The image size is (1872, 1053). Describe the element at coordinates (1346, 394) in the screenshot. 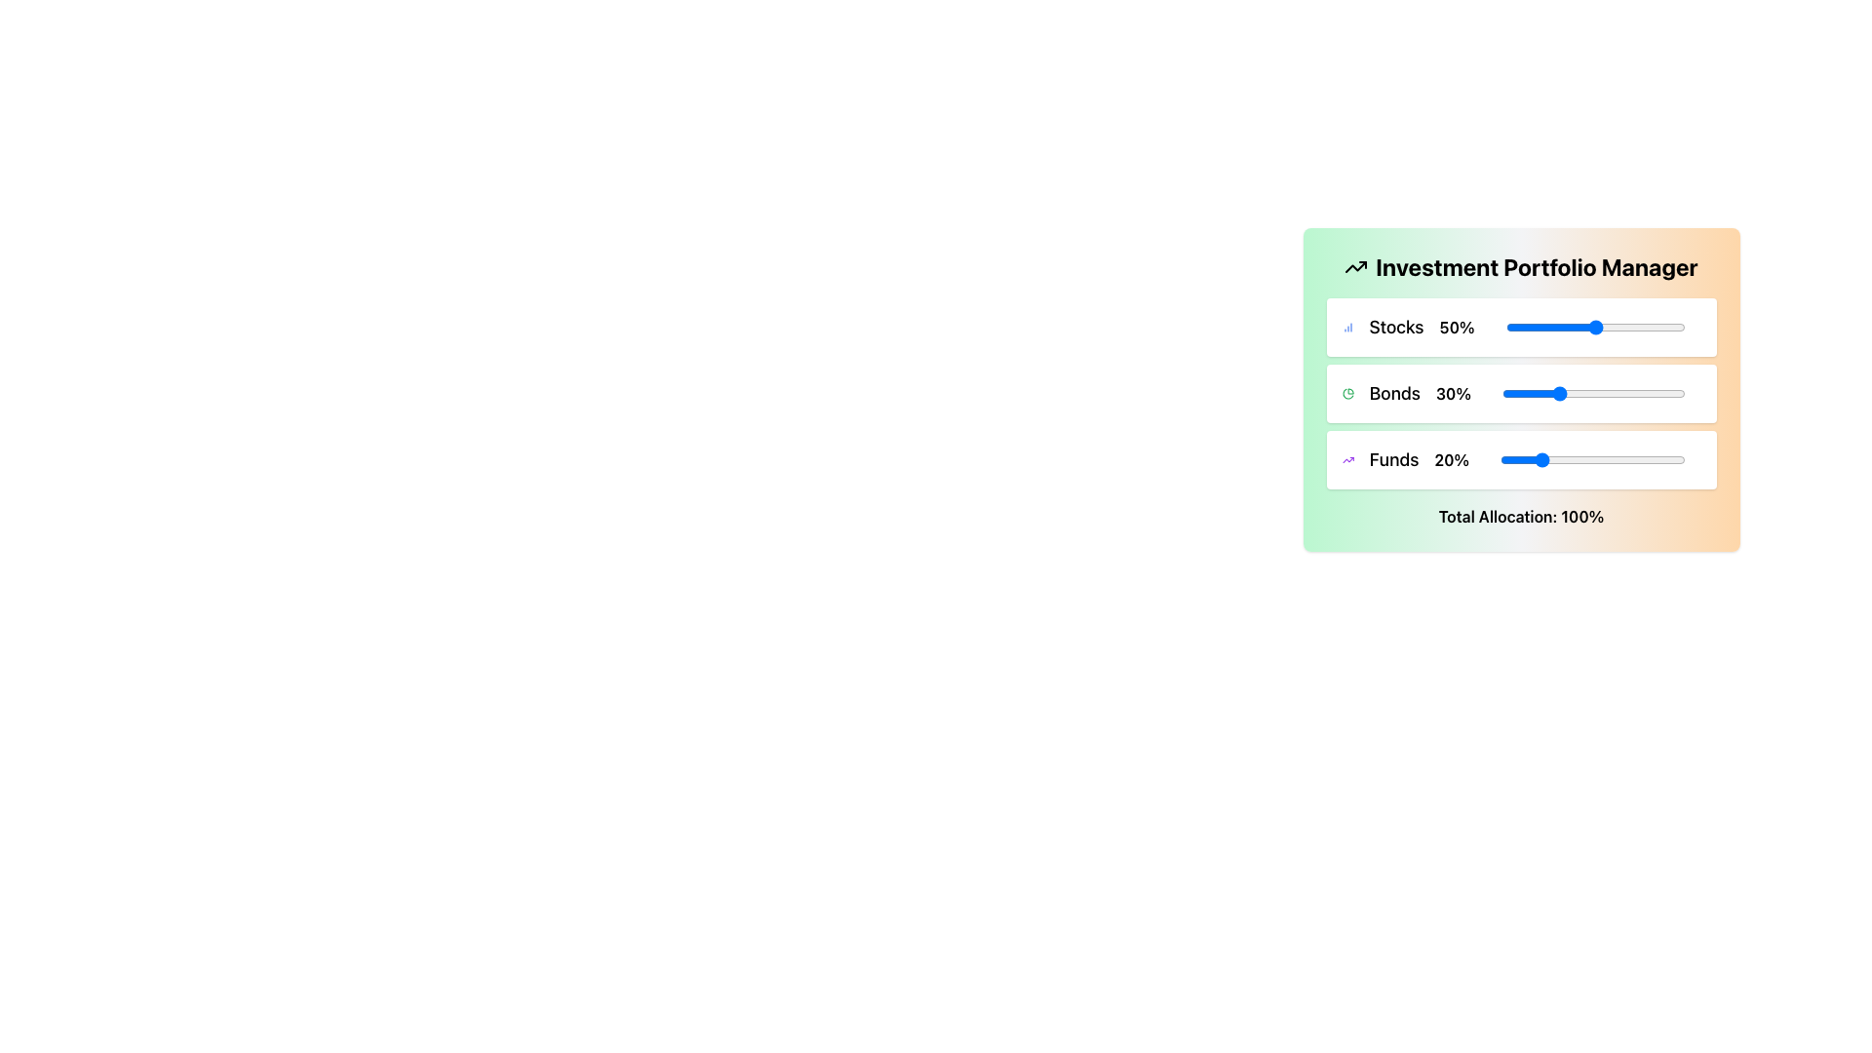

I see `the green segment of the pie chart icon, which is the second segment positioned to the right of the first segment` at that location.